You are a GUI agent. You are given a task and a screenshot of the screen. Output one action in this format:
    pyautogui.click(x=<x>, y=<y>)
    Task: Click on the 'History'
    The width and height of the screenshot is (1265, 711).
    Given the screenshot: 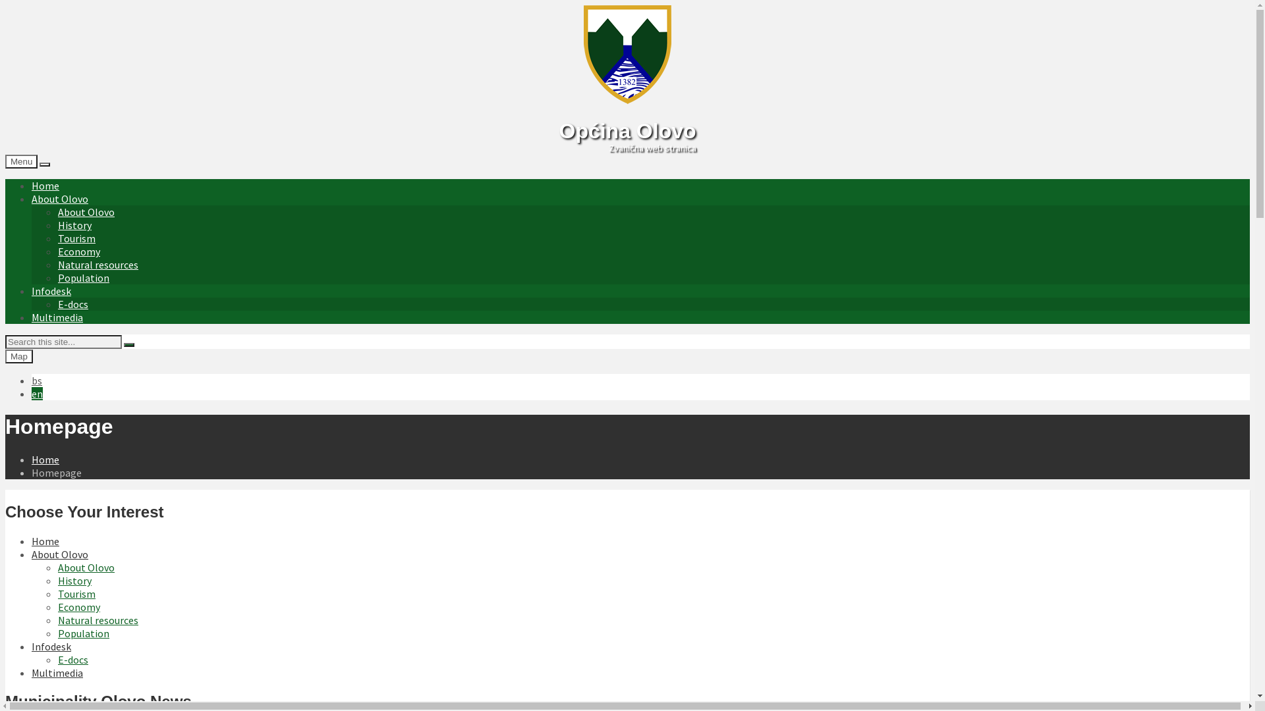 What is the action you would take?
    pyautogui.click(x=57, y=580)
    